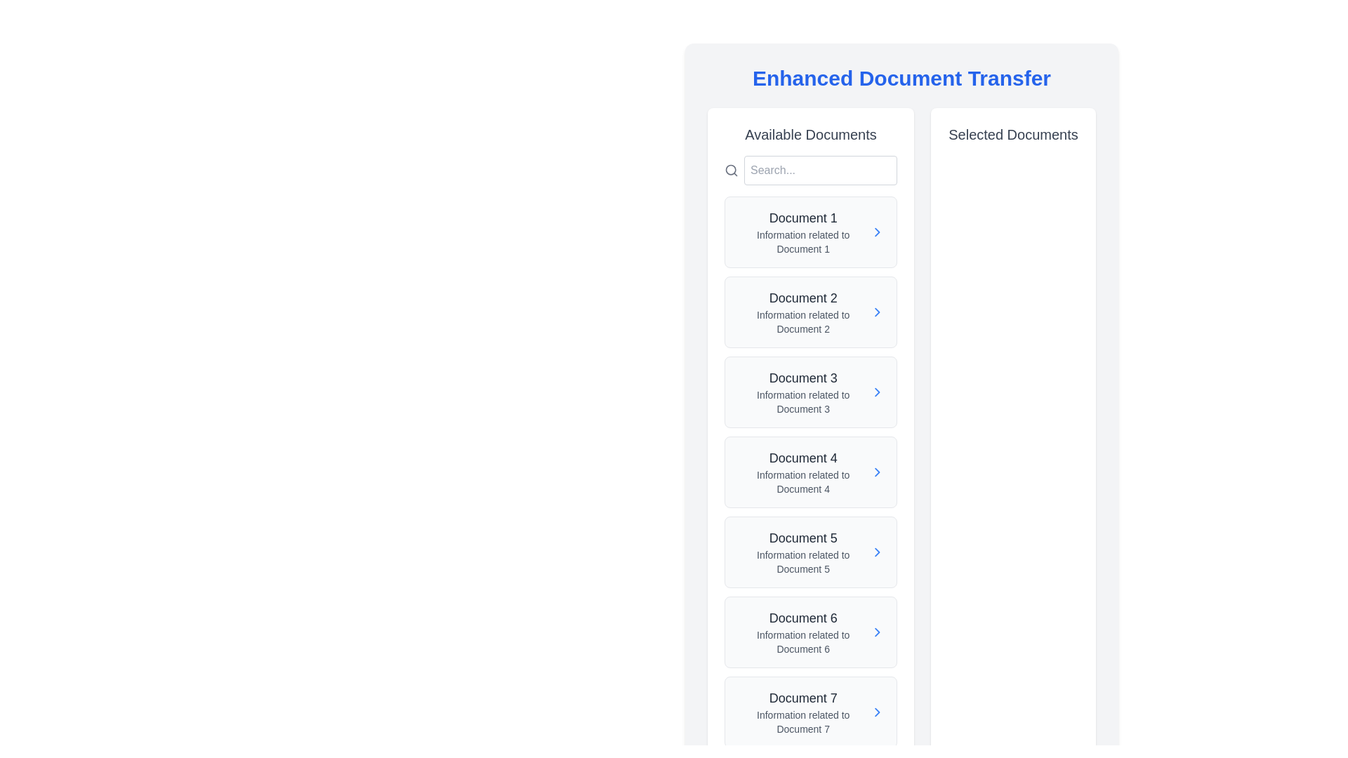 This screenshot has height=758, width=1348. I want to click on the center of the List item displaying document information titled 'Document 5', so click(811, 551).